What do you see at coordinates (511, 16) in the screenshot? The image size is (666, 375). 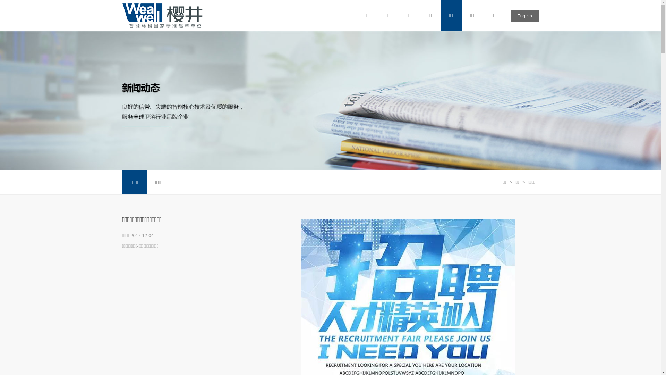 I see `'English'` at bounding box center [511, 16].